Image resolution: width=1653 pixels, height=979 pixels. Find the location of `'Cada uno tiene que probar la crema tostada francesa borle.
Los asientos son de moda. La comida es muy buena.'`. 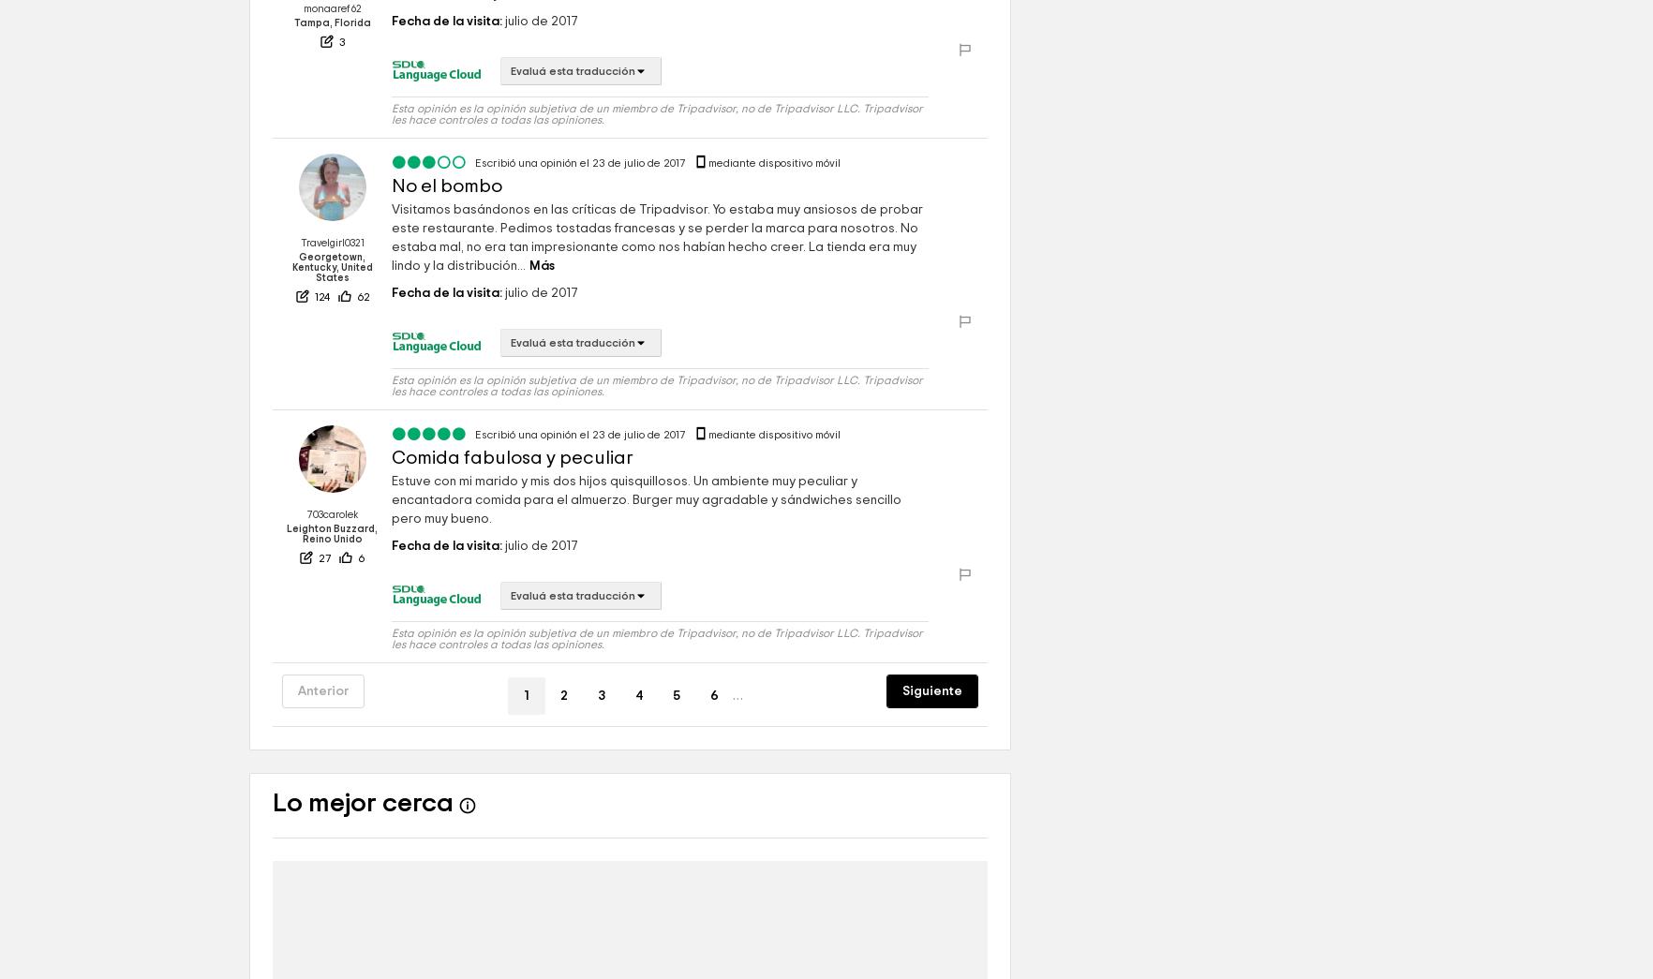

'Cada uno tiene que probar la crema tostada francesa borle.
Los asientos son de moda. La comida es muy buena.' is located at coordinates (659, 39).